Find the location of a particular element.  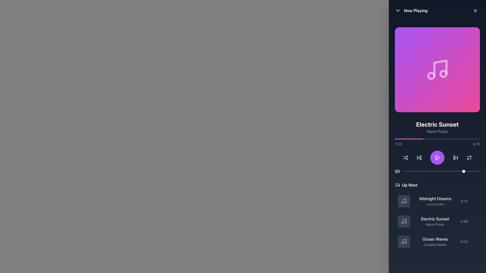

the volume slider is located at coordinates (436, 171).